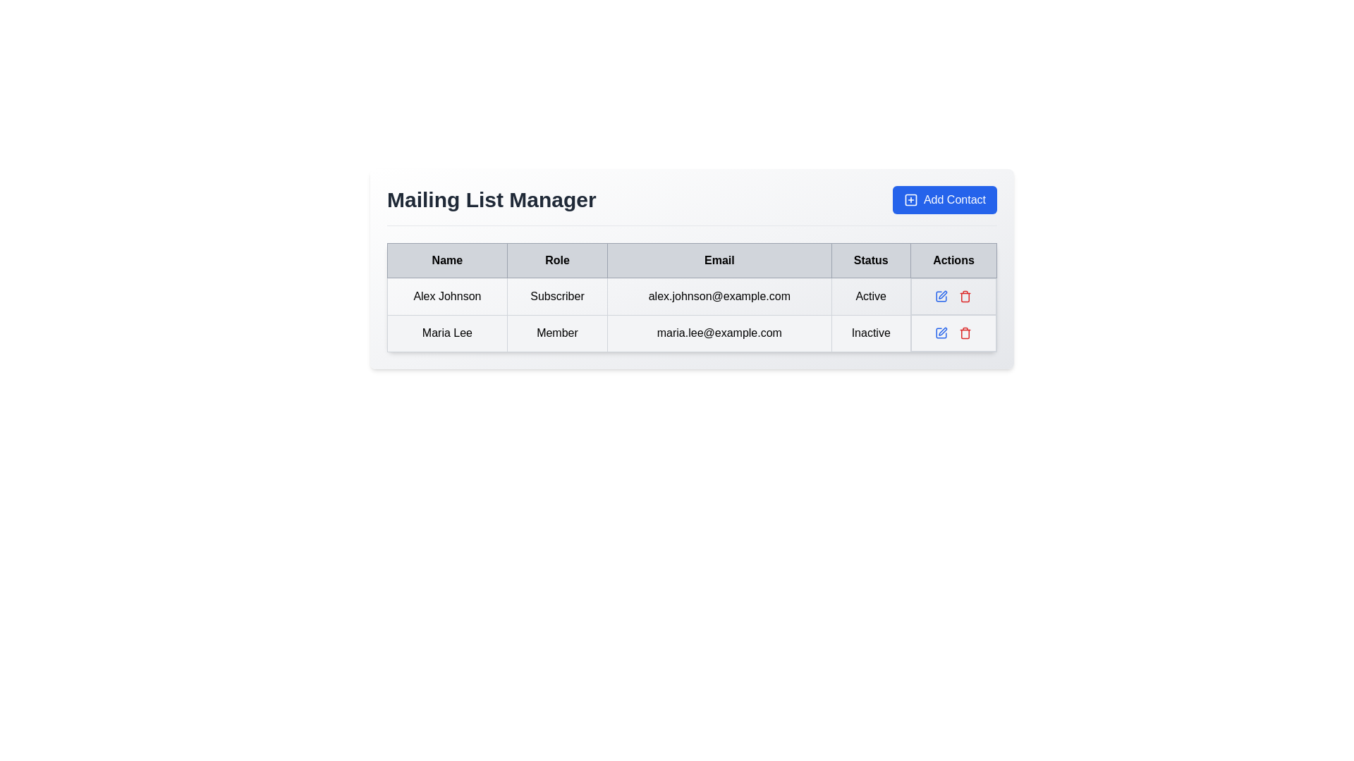 The image size is (1354, 761). What do you see at coordinates (719, 261) in the screenshot?
I see `the Table Header Cell labeled 'Email', which is the third cell from the left in the header row of the table, styled with a gray border and background` at bounding box center [719, 261].